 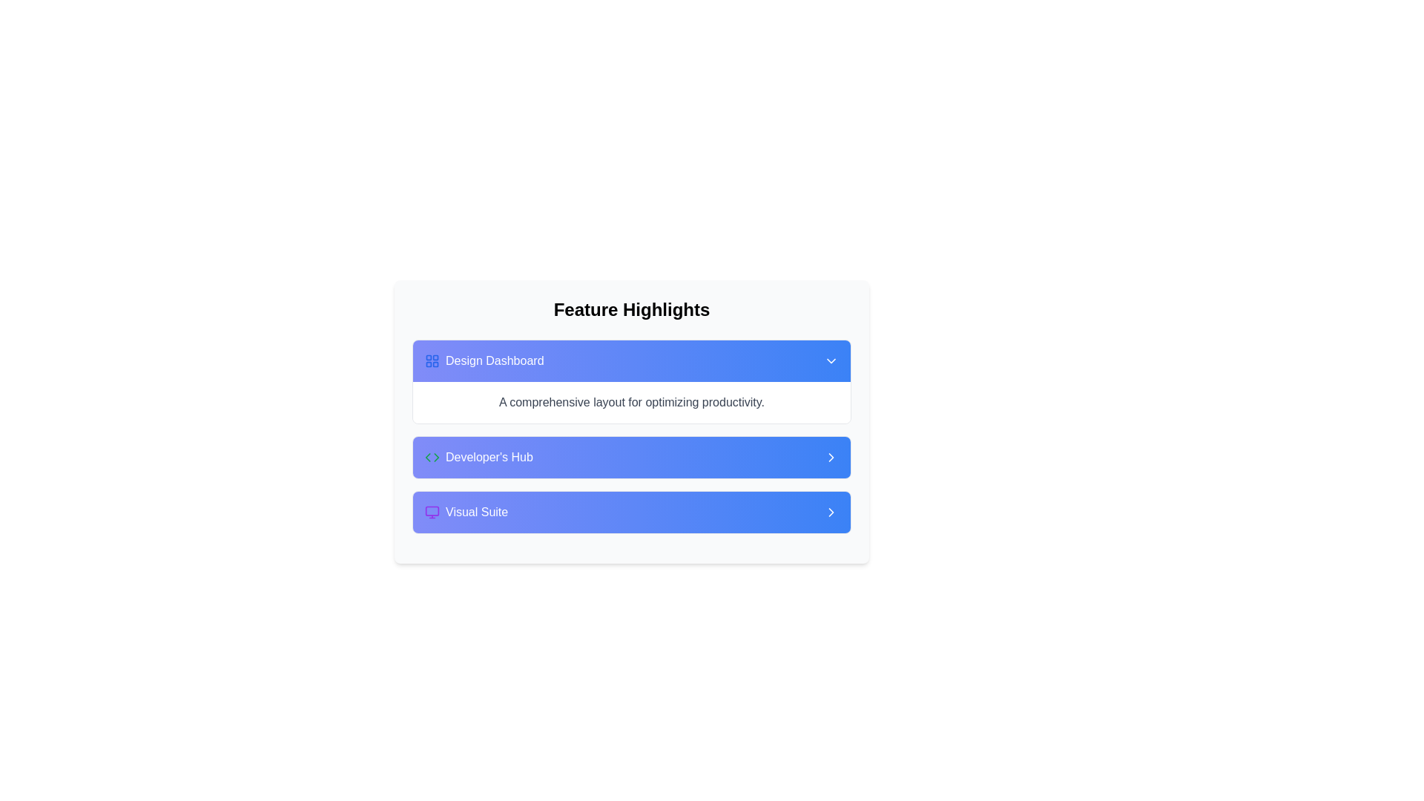 I want to click on the 'Visual Suite' icon, which is positioned to the left of the 'Visual Suite' label and is vertically centered within its row, so click(x=431, y=511).